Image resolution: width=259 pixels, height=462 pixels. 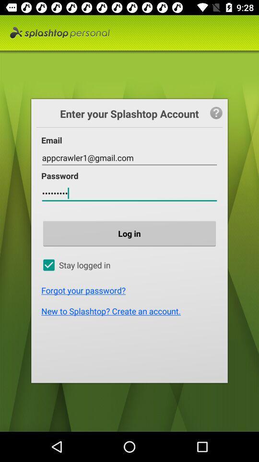 I want to click on the option below logged in, so click(x=131, y=290).